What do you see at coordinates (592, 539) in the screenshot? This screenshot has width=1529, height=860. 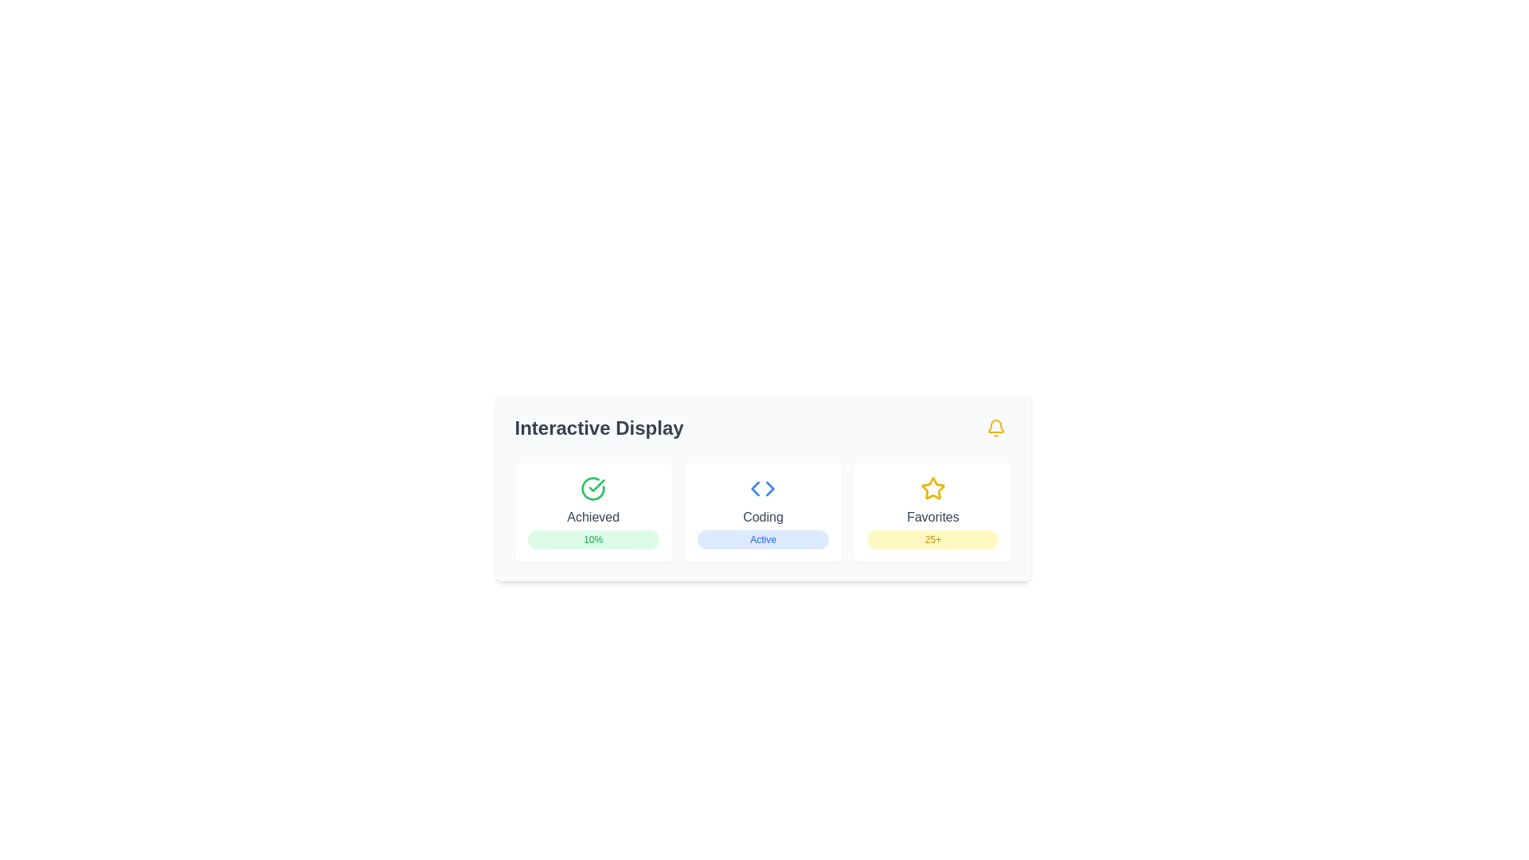 I see `the small rectangular badge with rounded corners located below the 'Achieved' text label, which displays '10%' in a smaller green font` at bounding box center [592, 539].